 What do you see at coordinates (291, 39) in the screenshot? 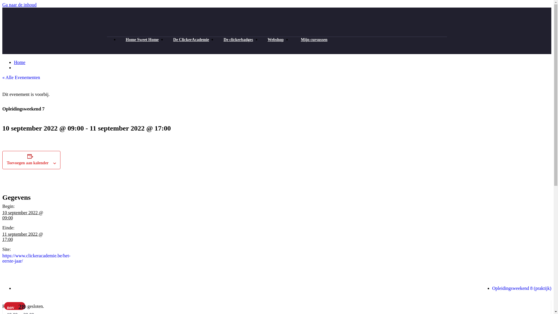
I see `'Mijn cursussen'` at bounding box center [291, 39].